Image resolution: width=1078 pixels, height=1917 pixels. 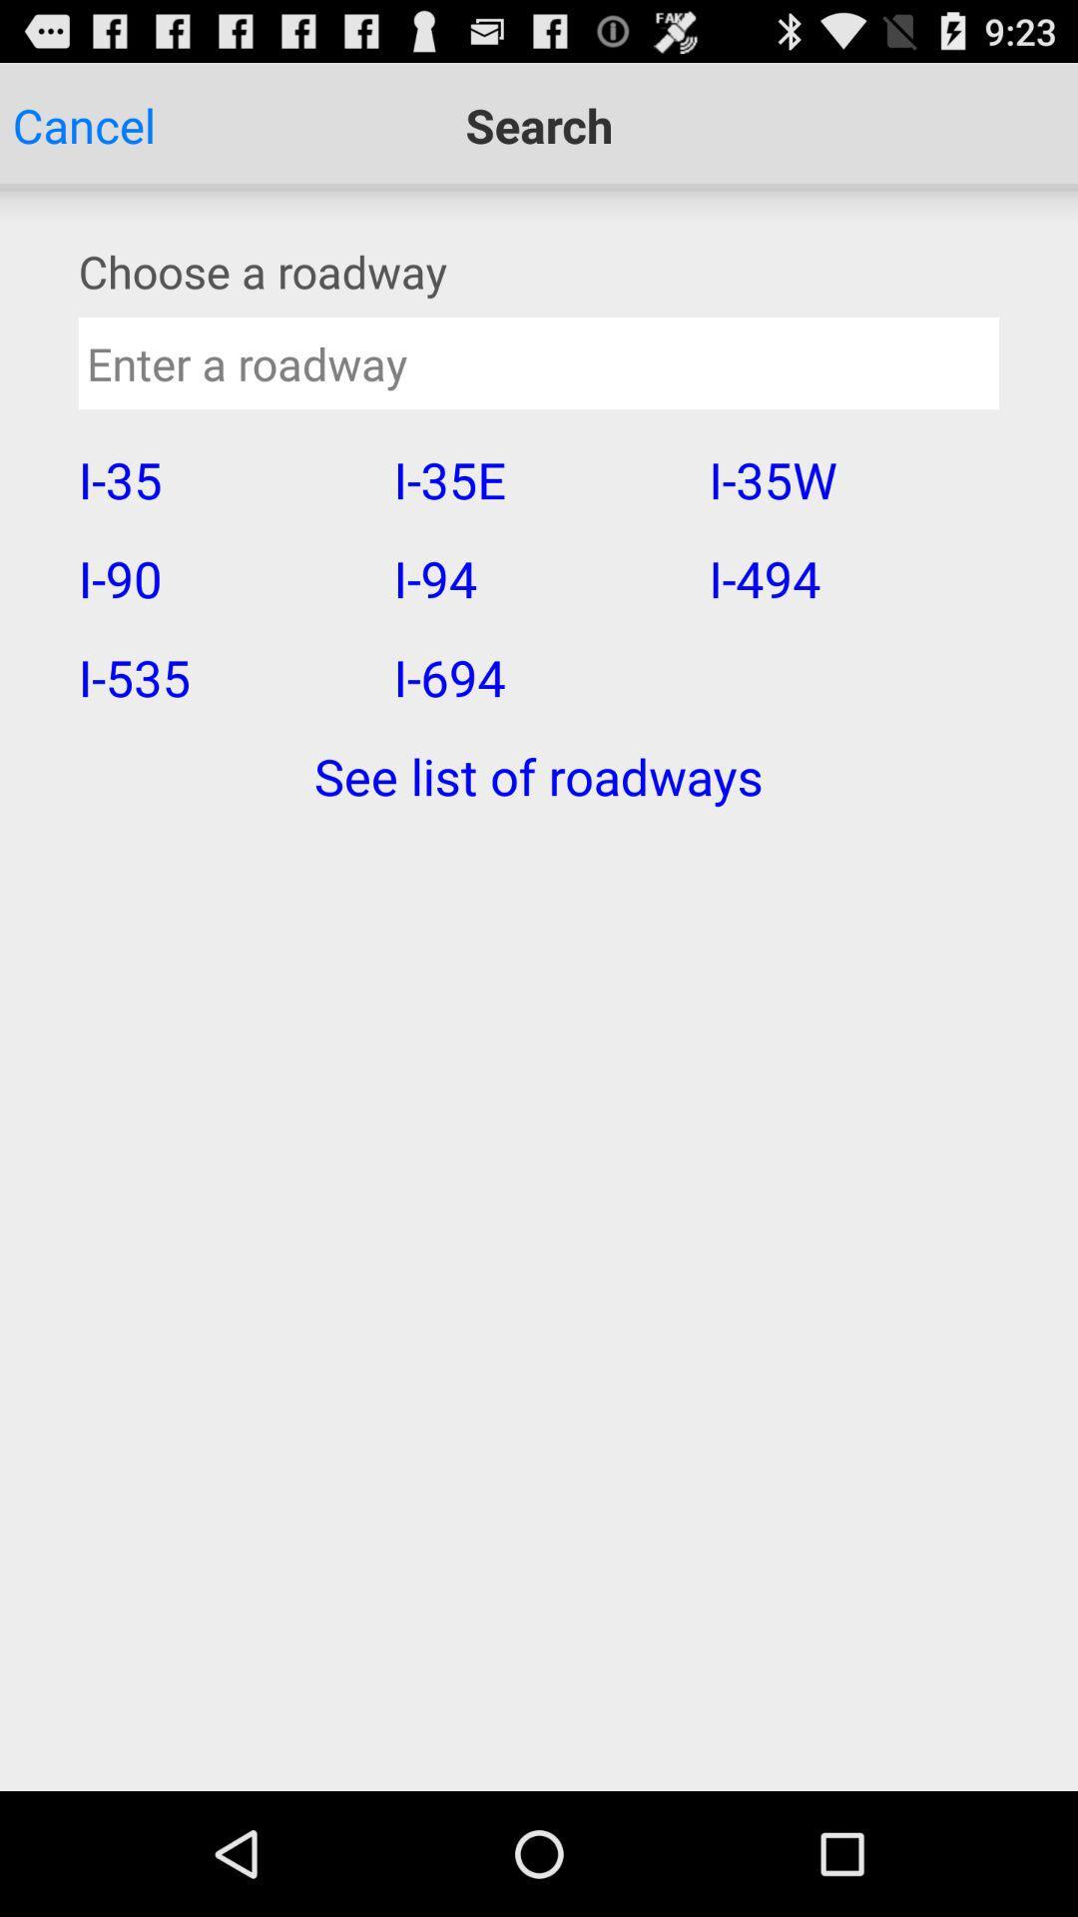 What do you see at coordinates (223, 577) in the screenshot?
I see `the i-90` at bounding box center [223, 577].